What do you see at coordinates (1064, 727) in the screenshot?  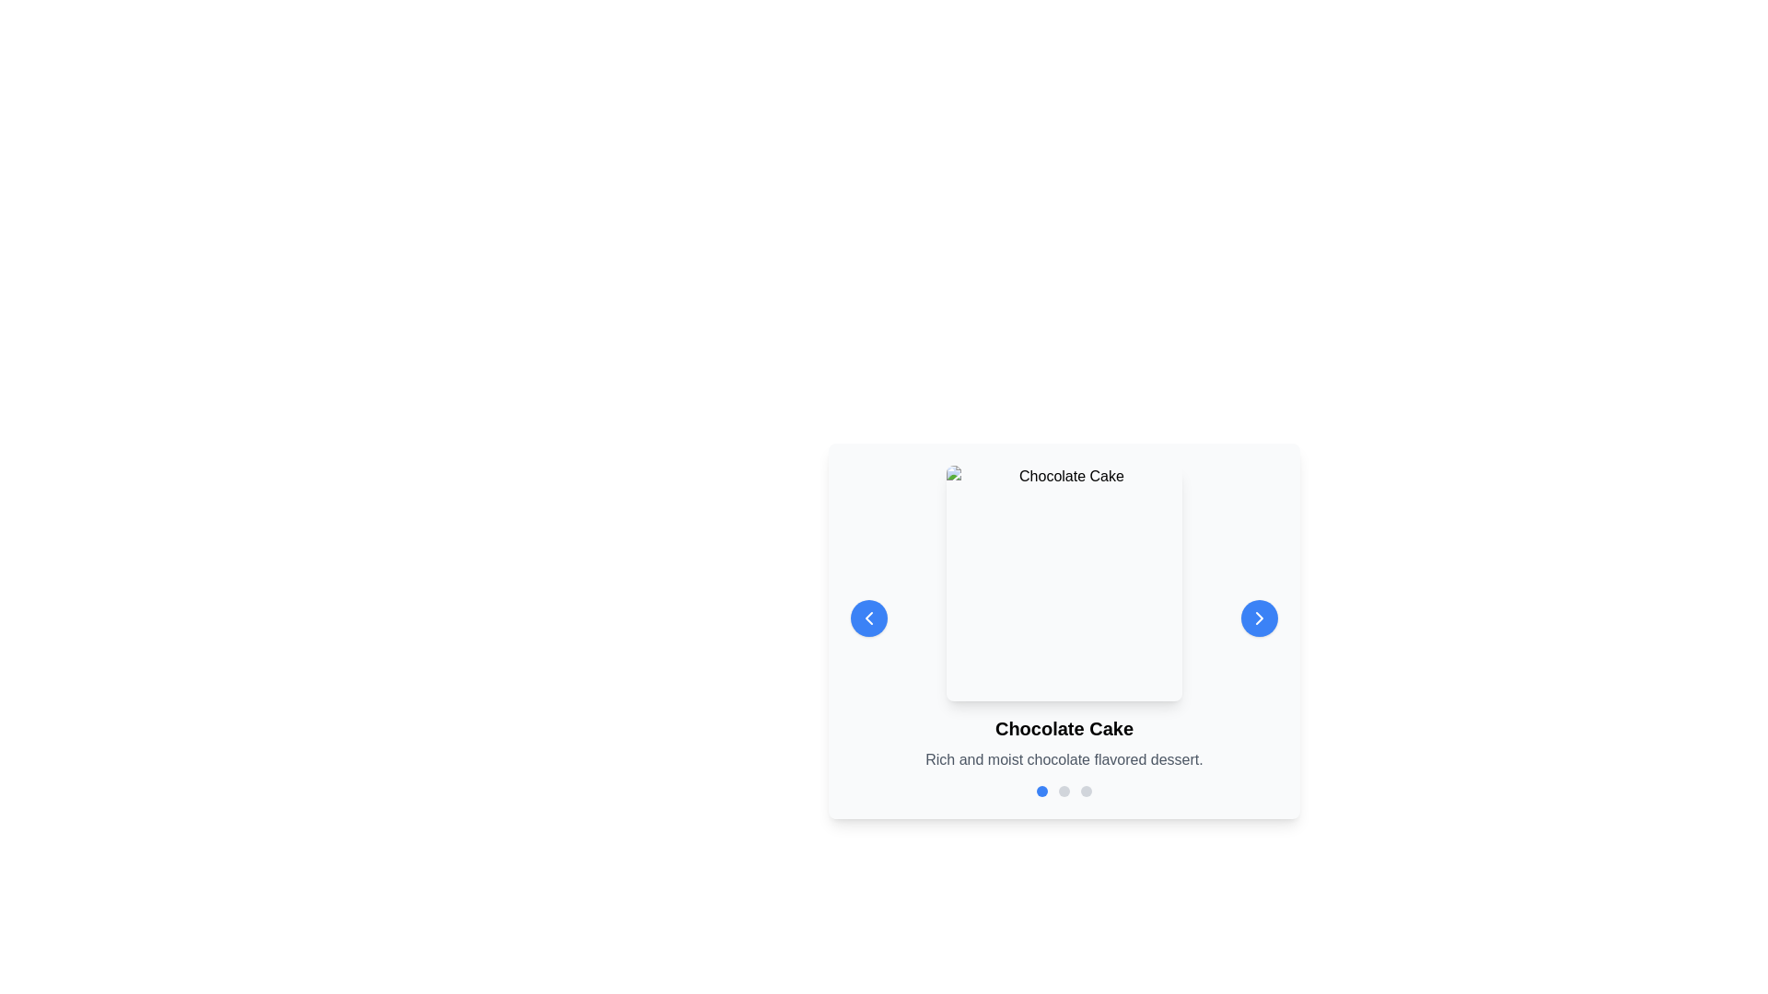 I see `the Text label indicating the name 'Chocolate Cake', which is centrally aligned below the cake image and above the description text` at bounding box center [1064, 727].